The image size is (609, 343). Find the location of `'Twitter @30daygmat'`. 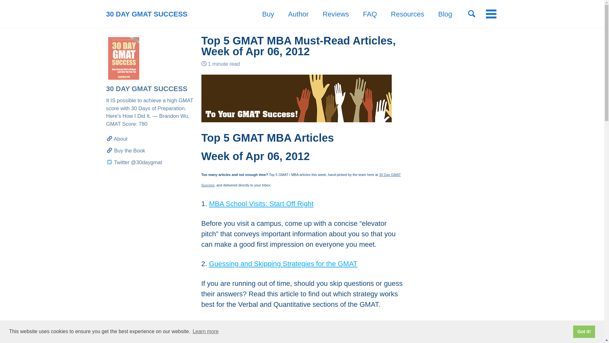

'Twitter @30daygmat' is located at coordinates (150, 162).